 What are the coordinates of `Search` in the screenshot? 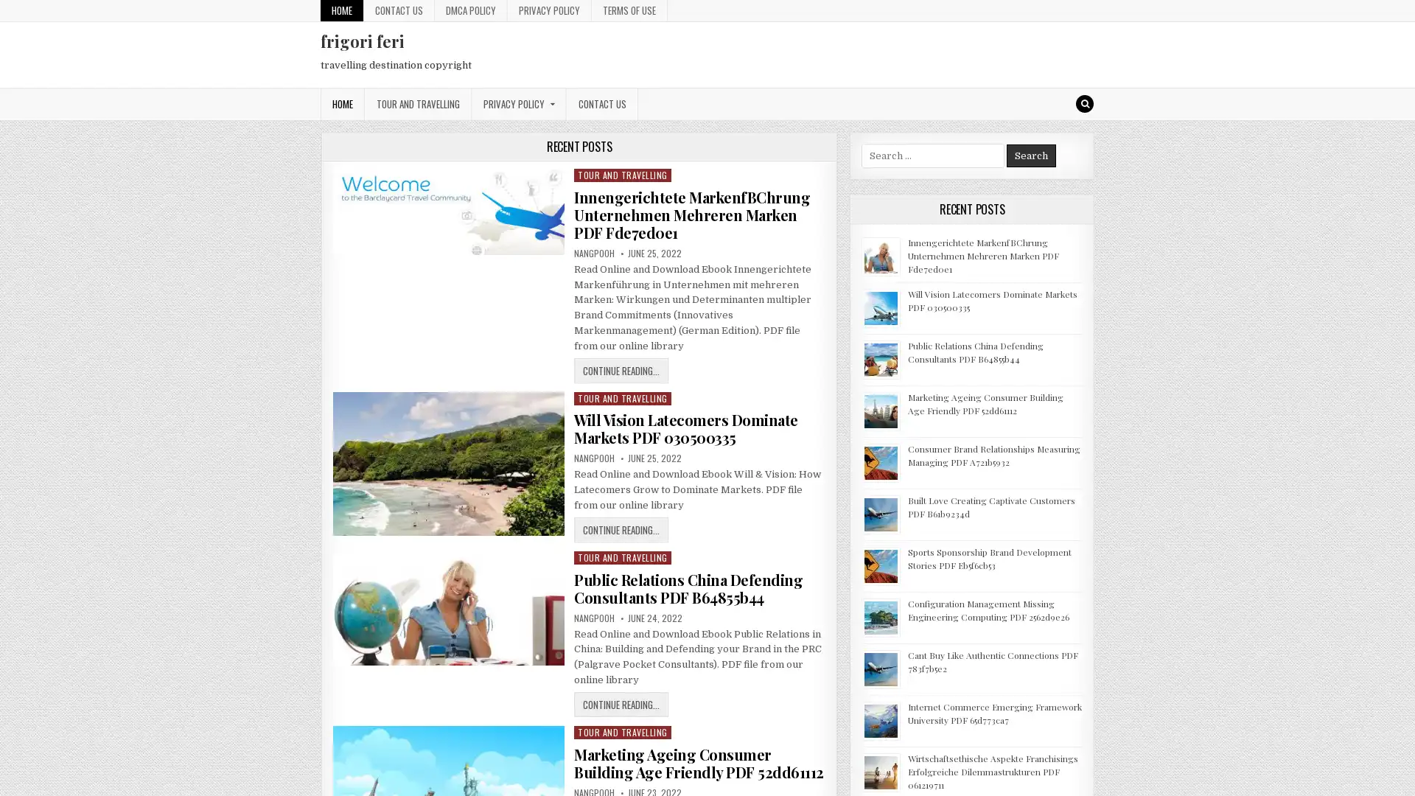 It's located at (1030, 156).